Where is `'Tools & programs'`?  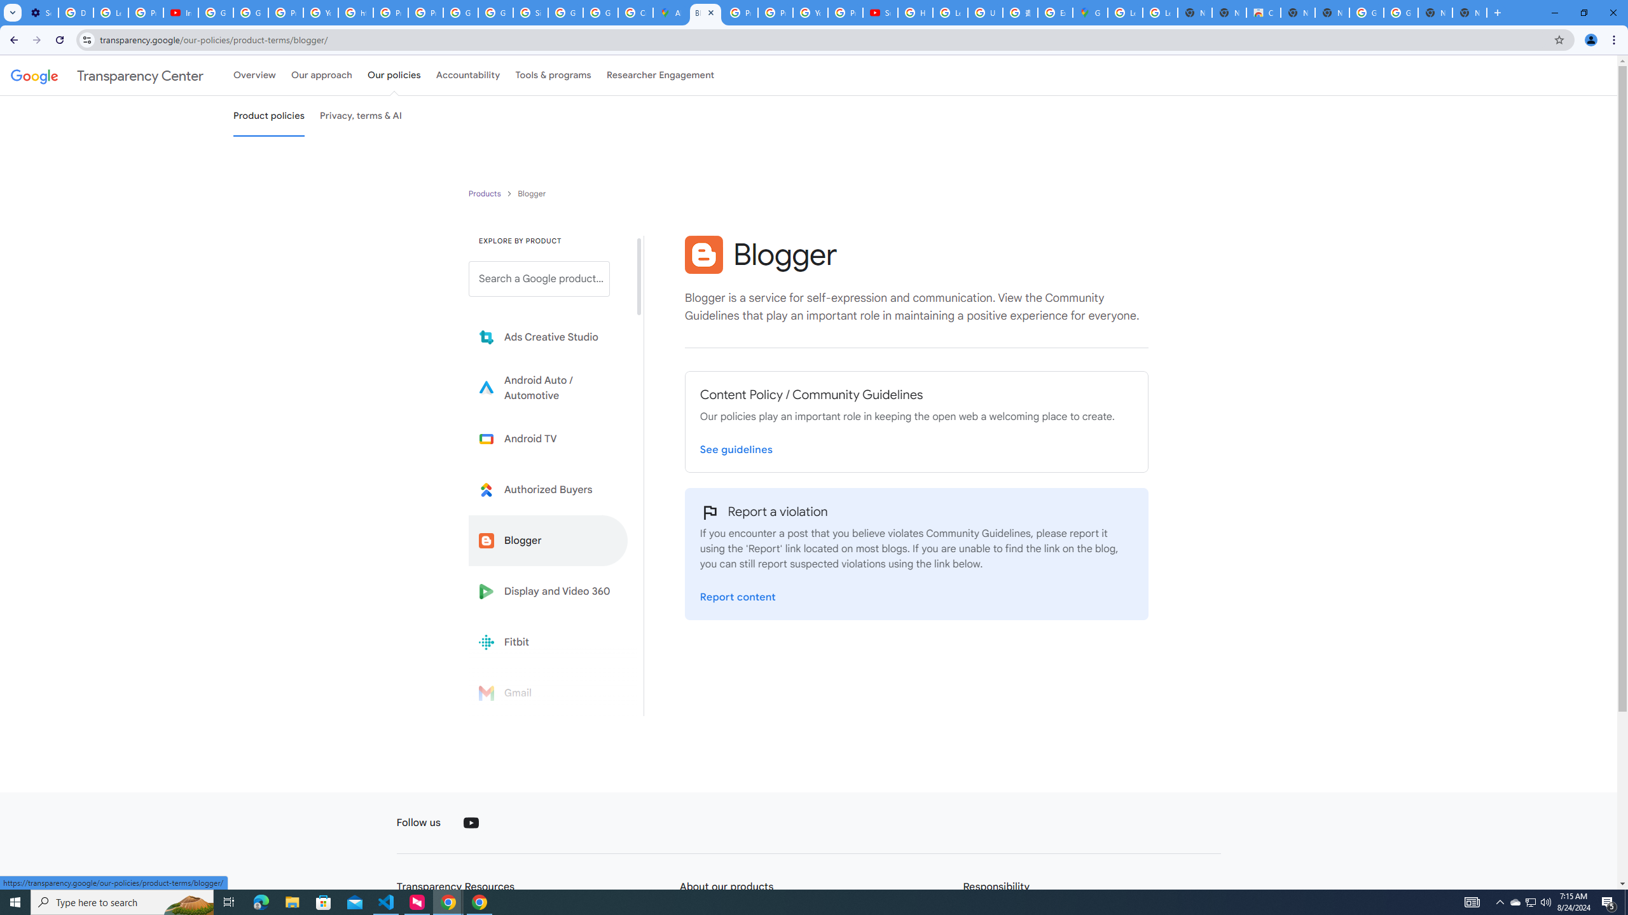 'Tools & programs' is located at coordinates (553, 75).